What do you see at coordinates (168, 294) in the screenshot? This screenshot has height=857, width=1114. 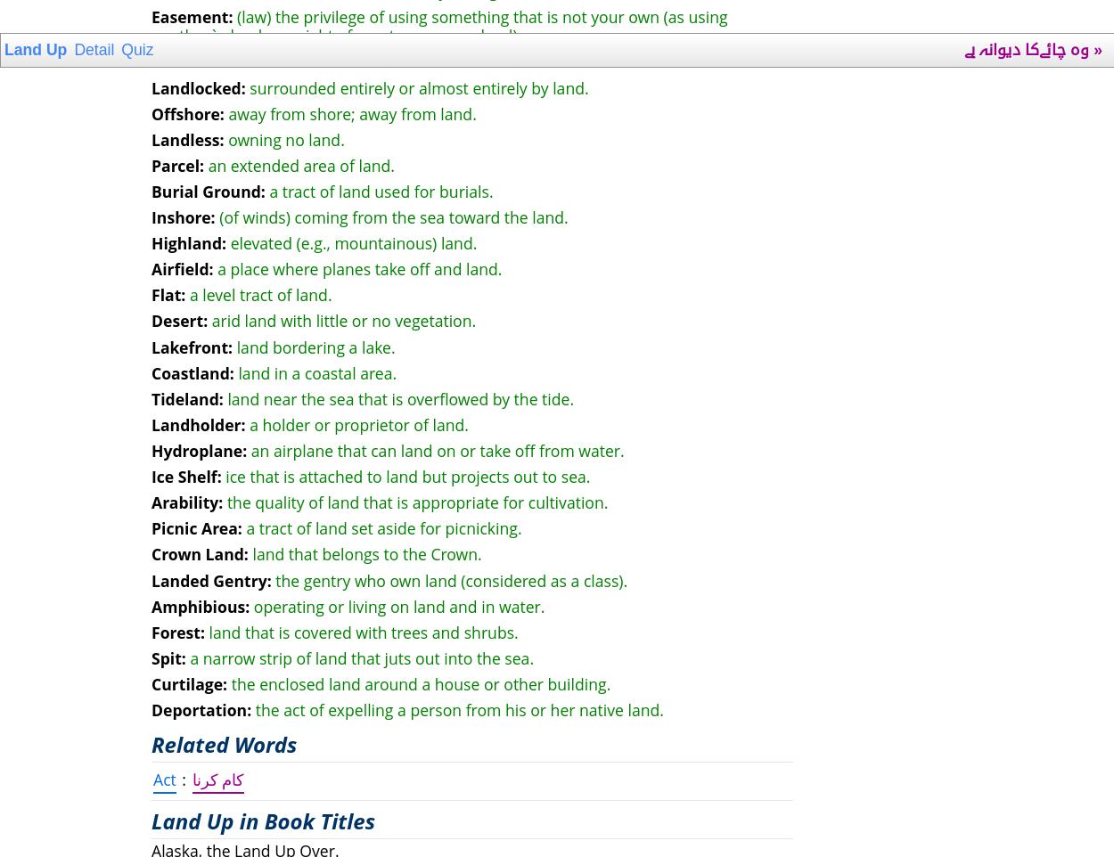 I see `'Flat:'` at bounding box center [168, 294].